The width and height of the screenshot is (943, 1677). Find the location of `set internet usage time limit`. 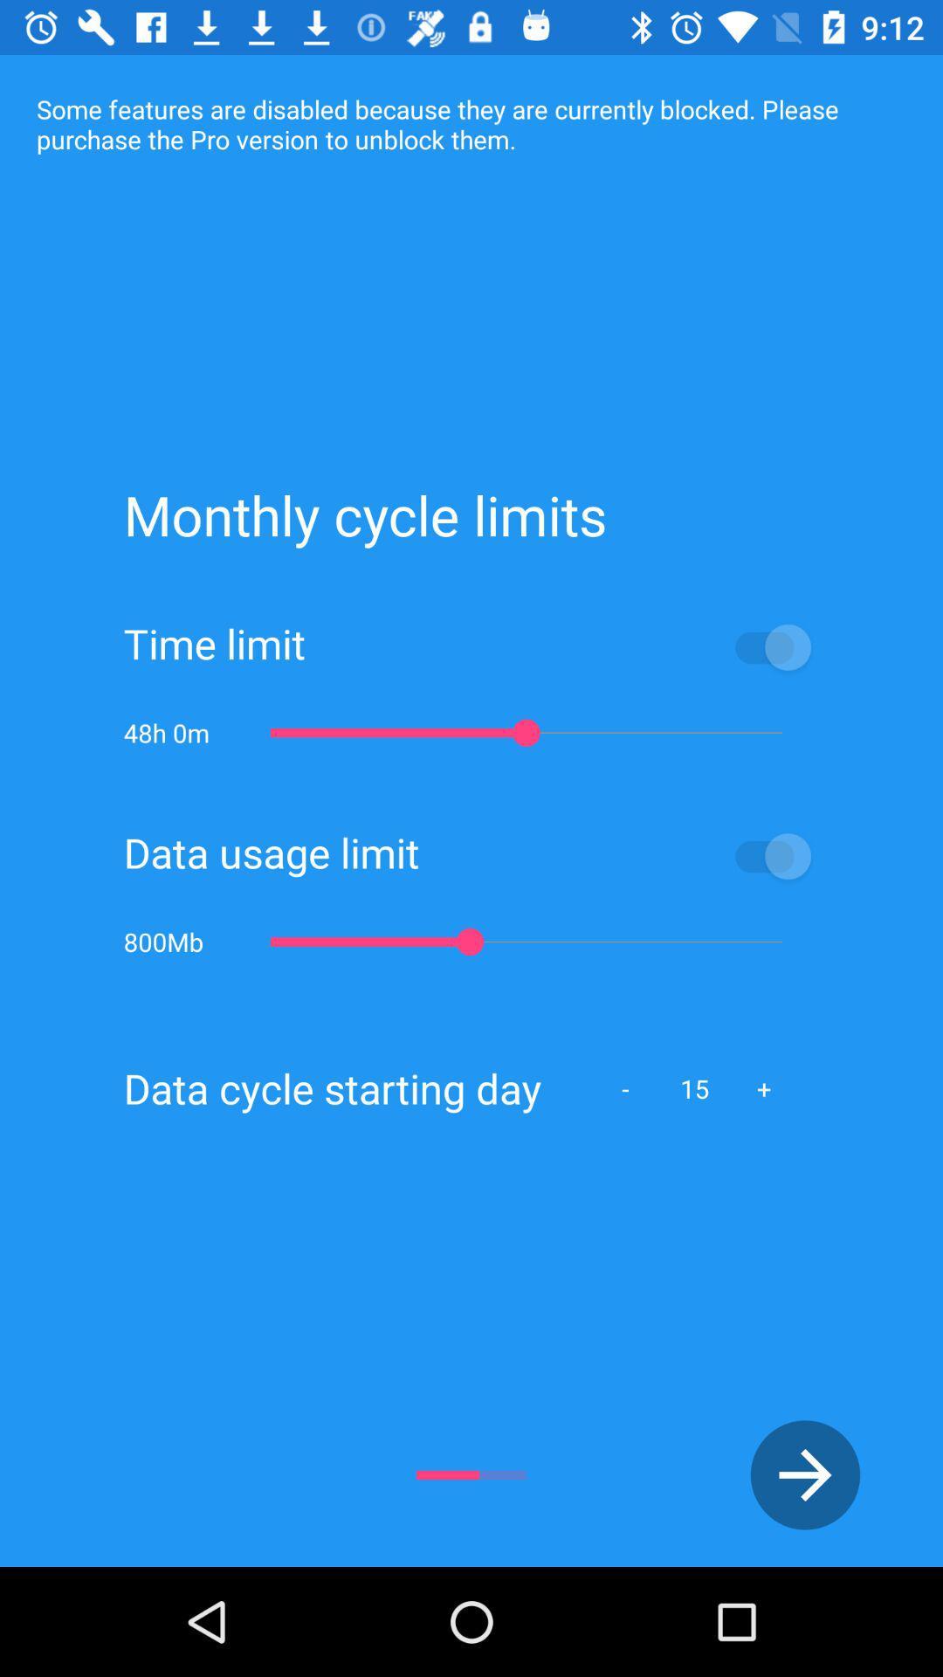

set internet usage time limit is located at coordinates (562, 645).